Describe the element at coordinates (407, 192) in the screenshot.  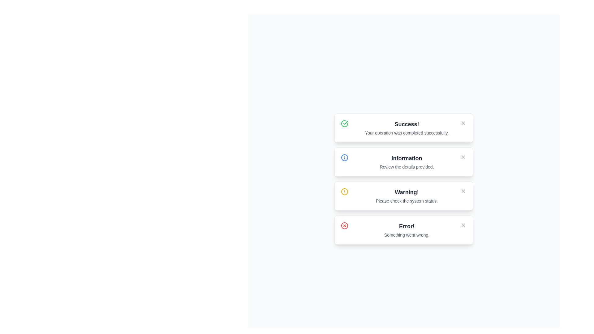
I see `the warning status text label` at that location.